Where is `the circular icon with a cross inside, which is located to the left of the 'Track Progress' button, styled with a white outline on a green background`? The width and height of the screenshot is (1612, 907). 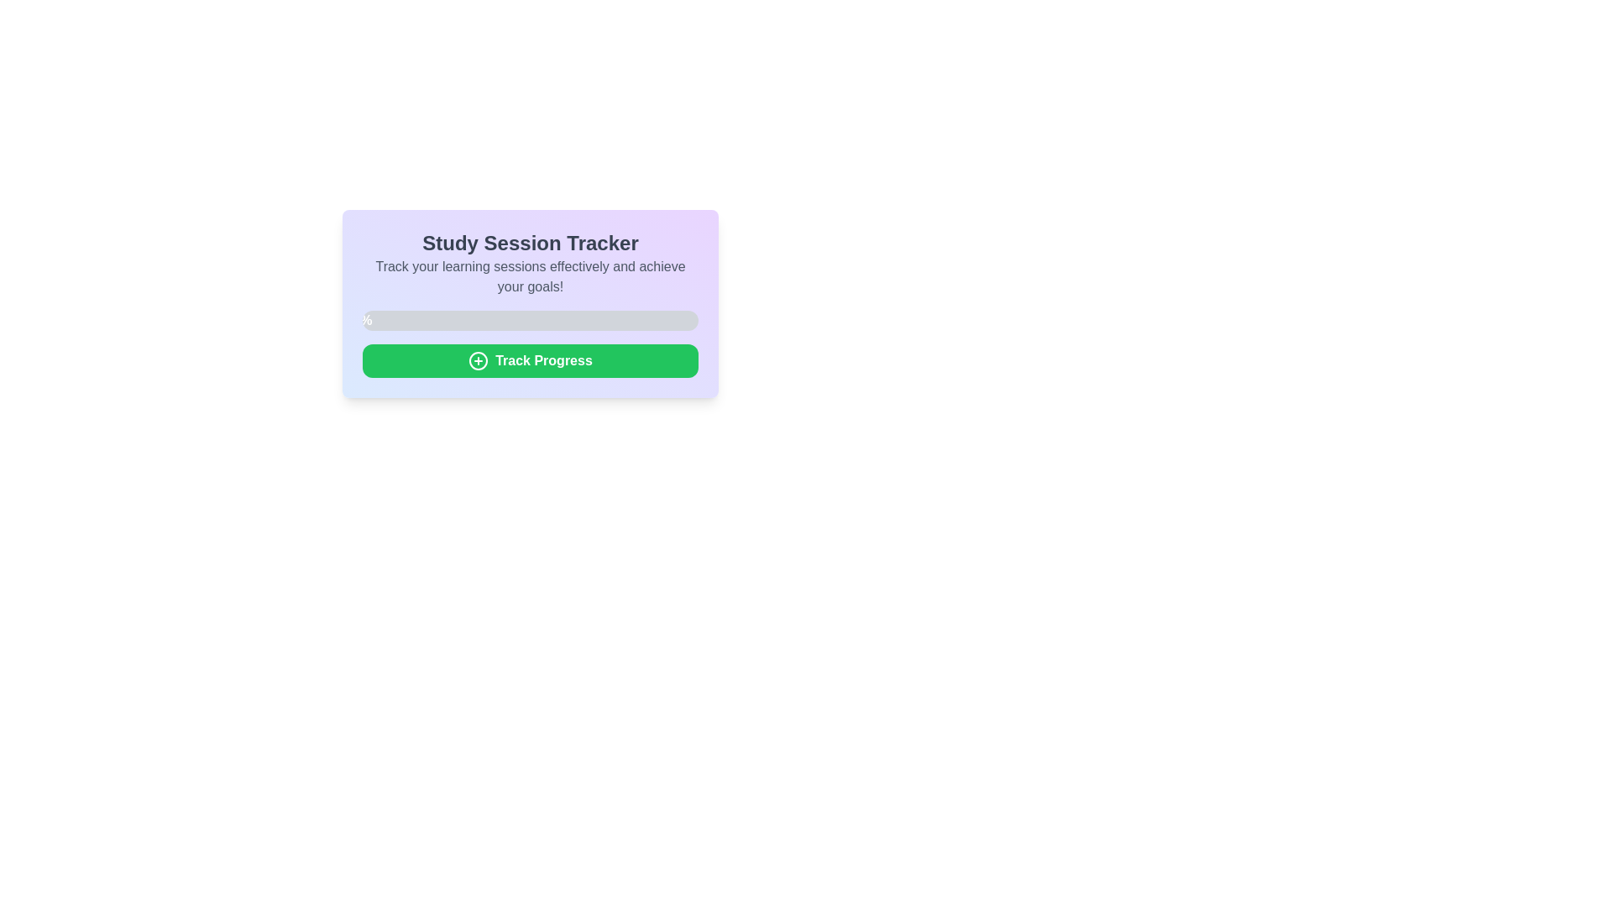
the circular icon with a cross inside, which is located to the left of the 'Track Progress' button, styled with a white outline on a green background is located at coordinates (478, 359).